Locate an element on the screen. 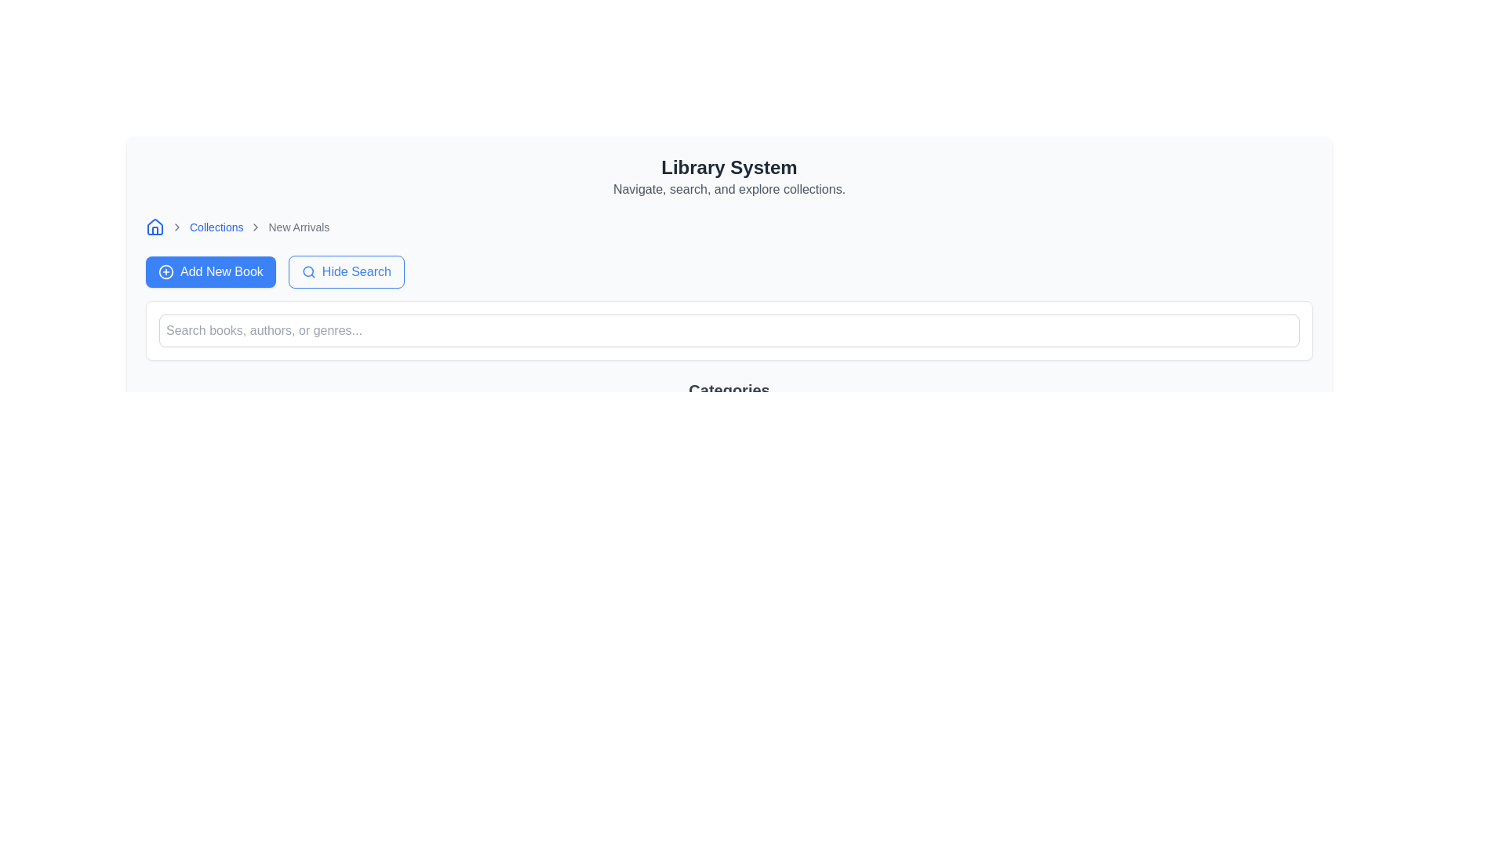 This screenshot has width=1506, height=847. the search icon, which is a graphical element represented as part of an inline SVG, located to the left of the 'Hide Search' button on the top bar is located at coordinates (308, 271).